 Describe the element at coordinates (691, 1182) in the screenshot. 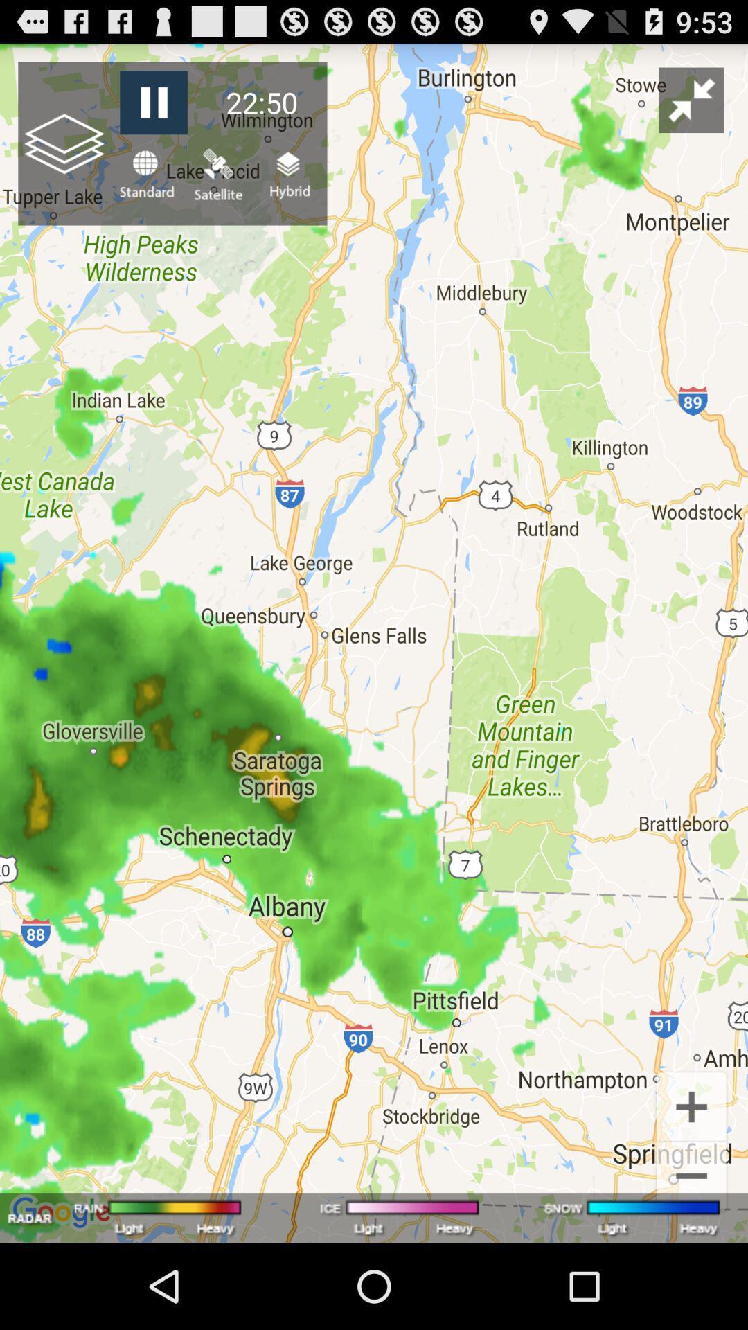

I see `the add icon` at that location.